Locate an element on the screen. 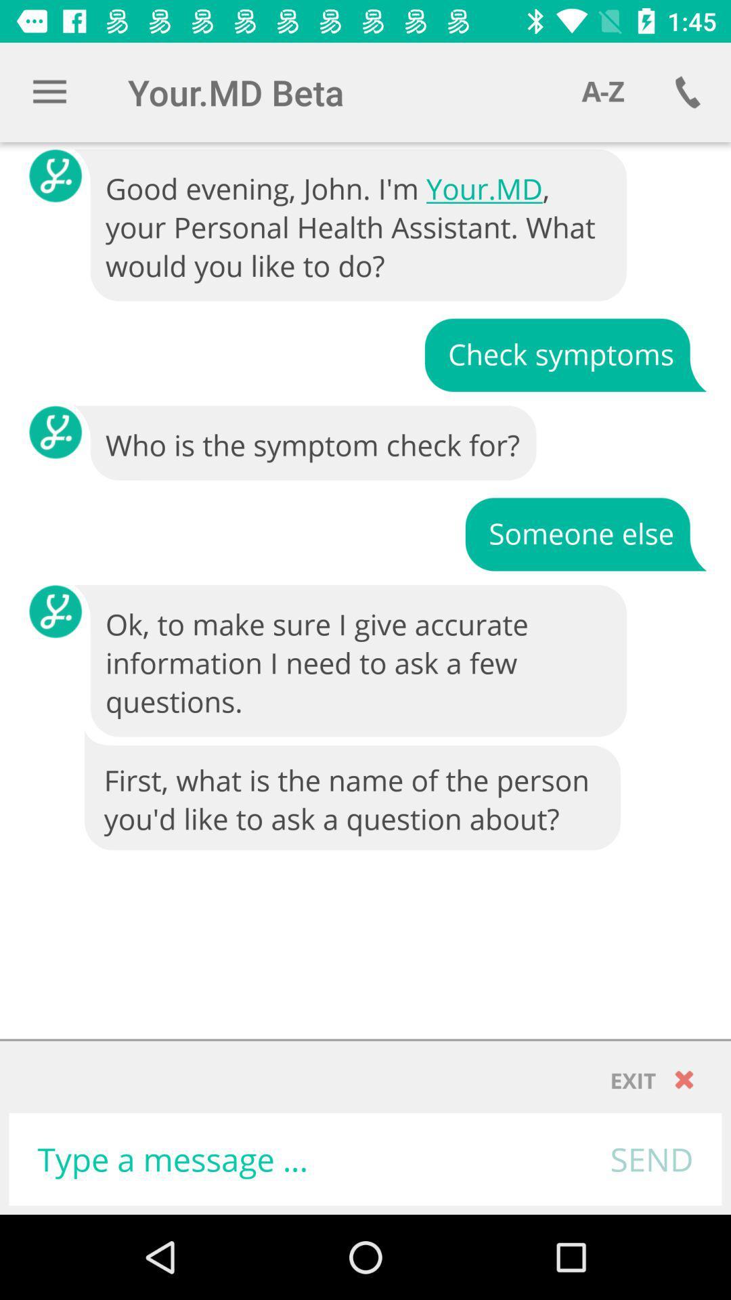  item above the good evening john is located at coordinates (602, 91).